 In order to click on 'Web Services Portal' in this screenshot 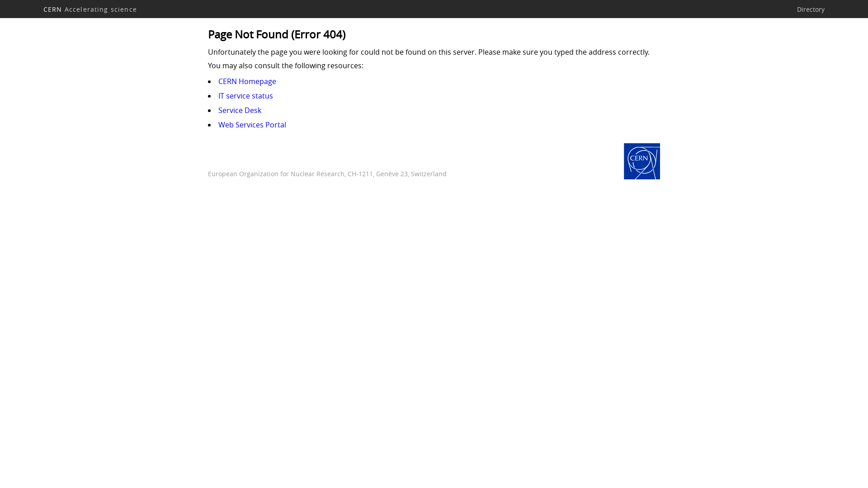, I will do `click(252, 125)`.